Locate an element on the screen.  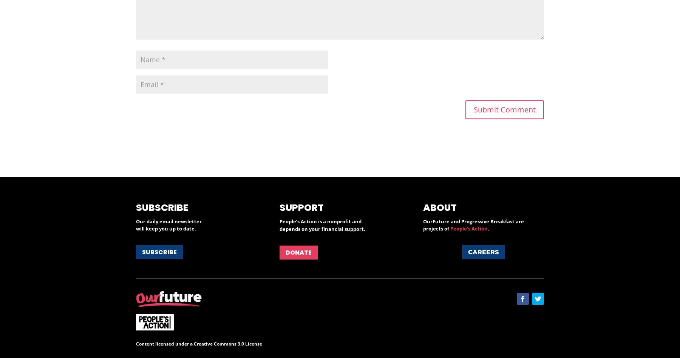
'.' is located at coordinates (488, 228).